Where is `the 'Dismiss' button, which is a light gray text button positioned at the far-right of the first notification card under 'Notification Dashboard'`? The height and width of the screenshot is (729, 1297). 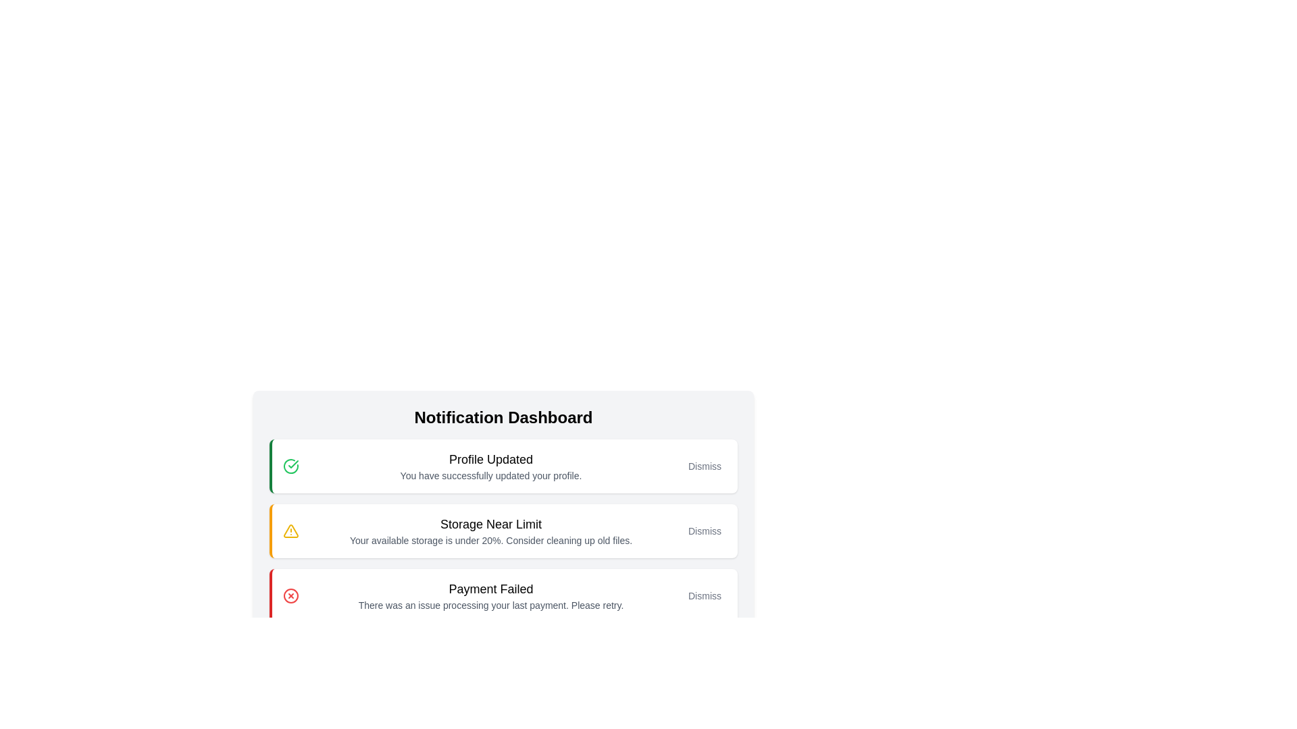
the 'Dismiss' button, which is a light gray text button positioned at the far-right of the first notification card under 'Notification Dashboard' is located at coordinates (704, 465).